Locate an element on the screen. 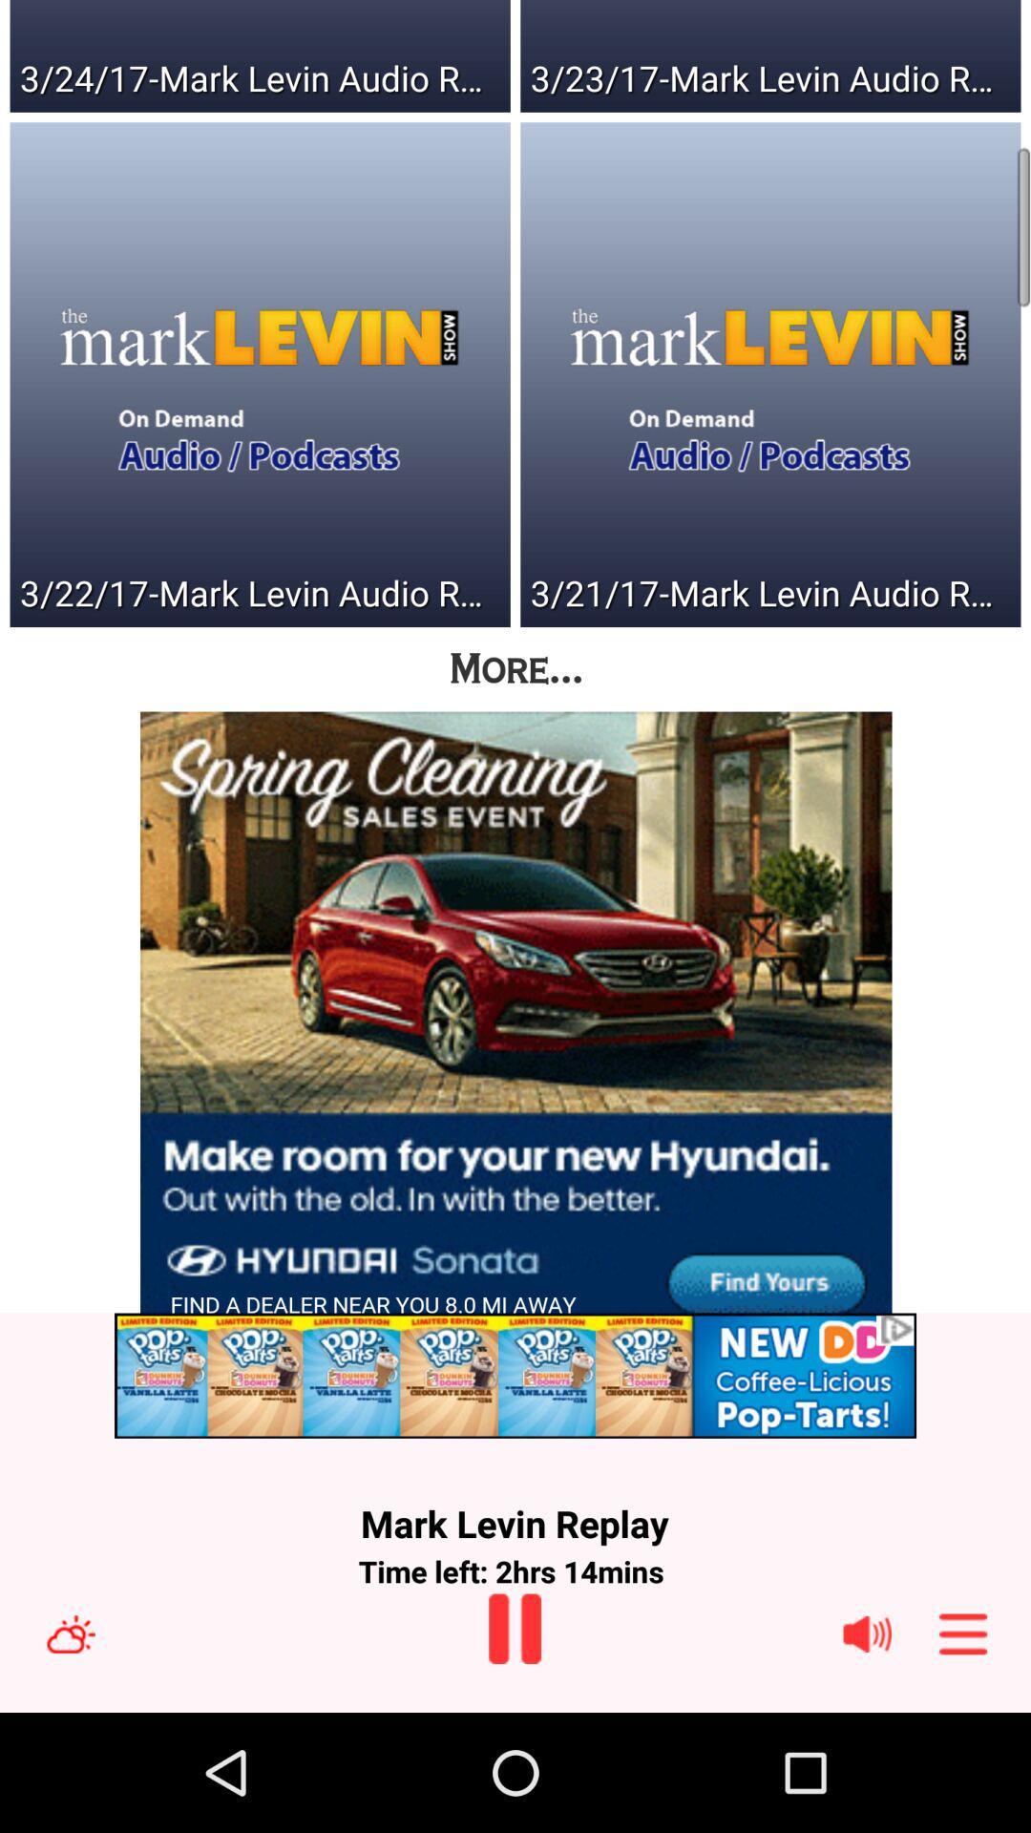 The height and width of the screenshot is (1833, 1031). the weather icon is located at coordinates (70, 1749).